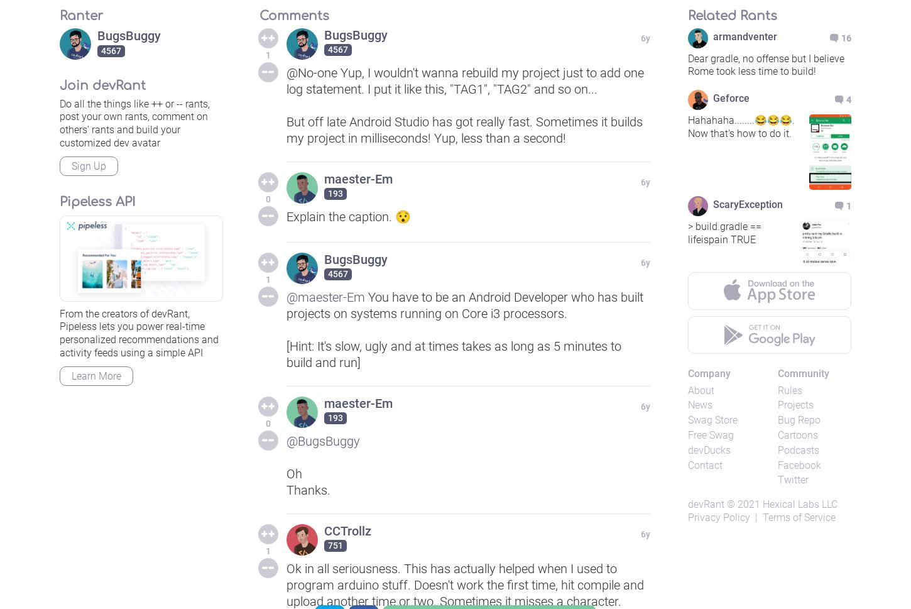 This screenshot has width=911, height=609. Describe the element at coordinates (687, 372) in the screenshot. I see `'Company'` at that location.